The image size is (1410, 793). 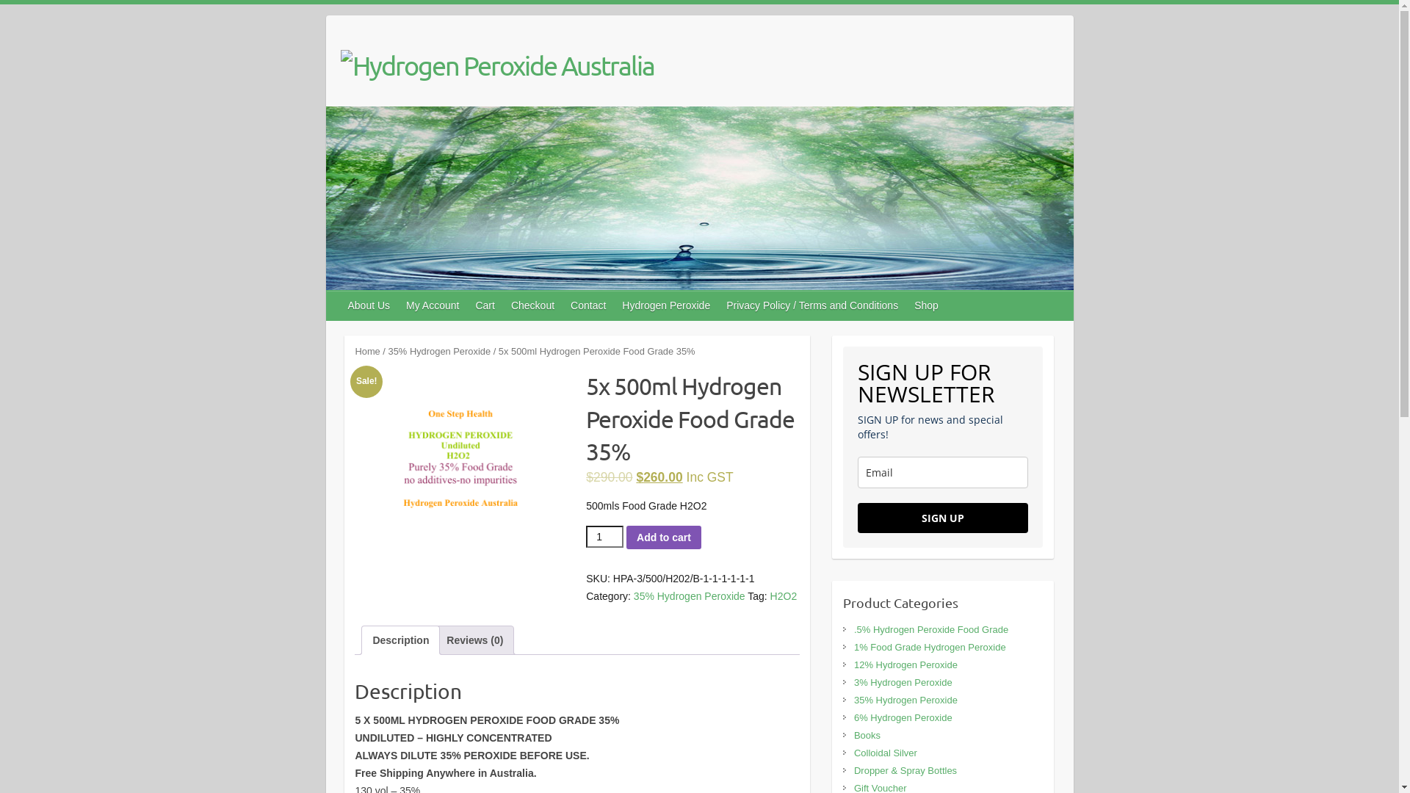 What do you see at coordinates (433, 305) in the screenshot?
I see `'My Account'` at bounding box center [433, 305].